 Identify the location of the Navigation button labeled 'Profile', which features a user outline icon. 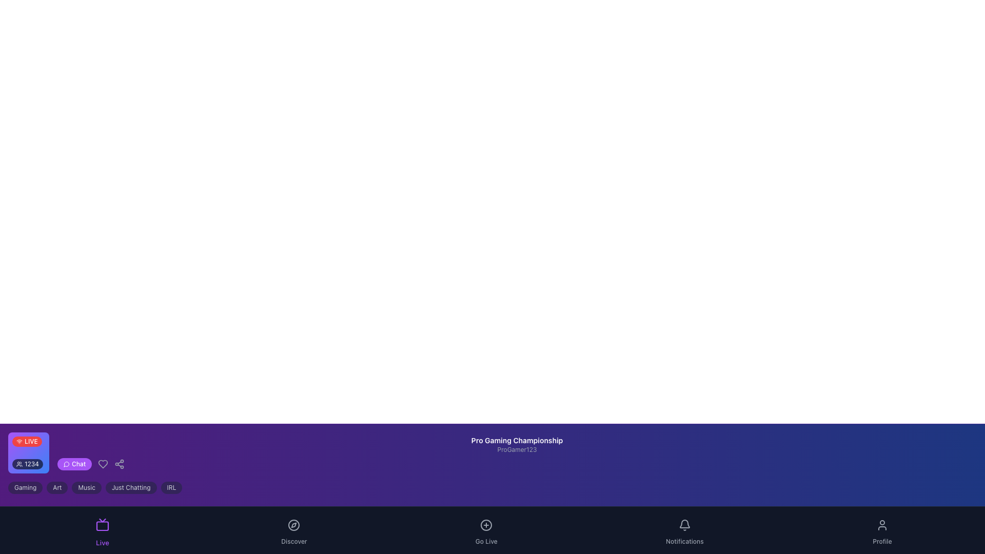
(881, 530).